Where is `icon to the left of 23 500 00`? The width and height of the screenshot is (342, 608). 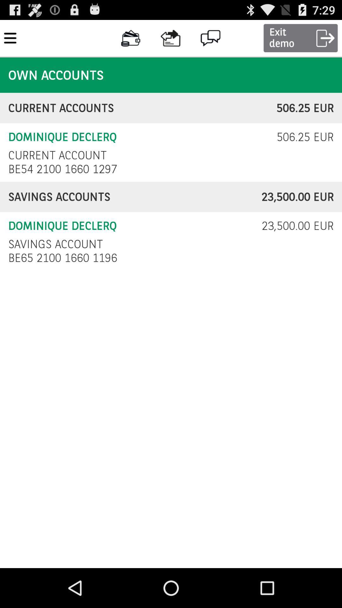 icon to the left of 23 500 00 is located at coordinates (55, 244).